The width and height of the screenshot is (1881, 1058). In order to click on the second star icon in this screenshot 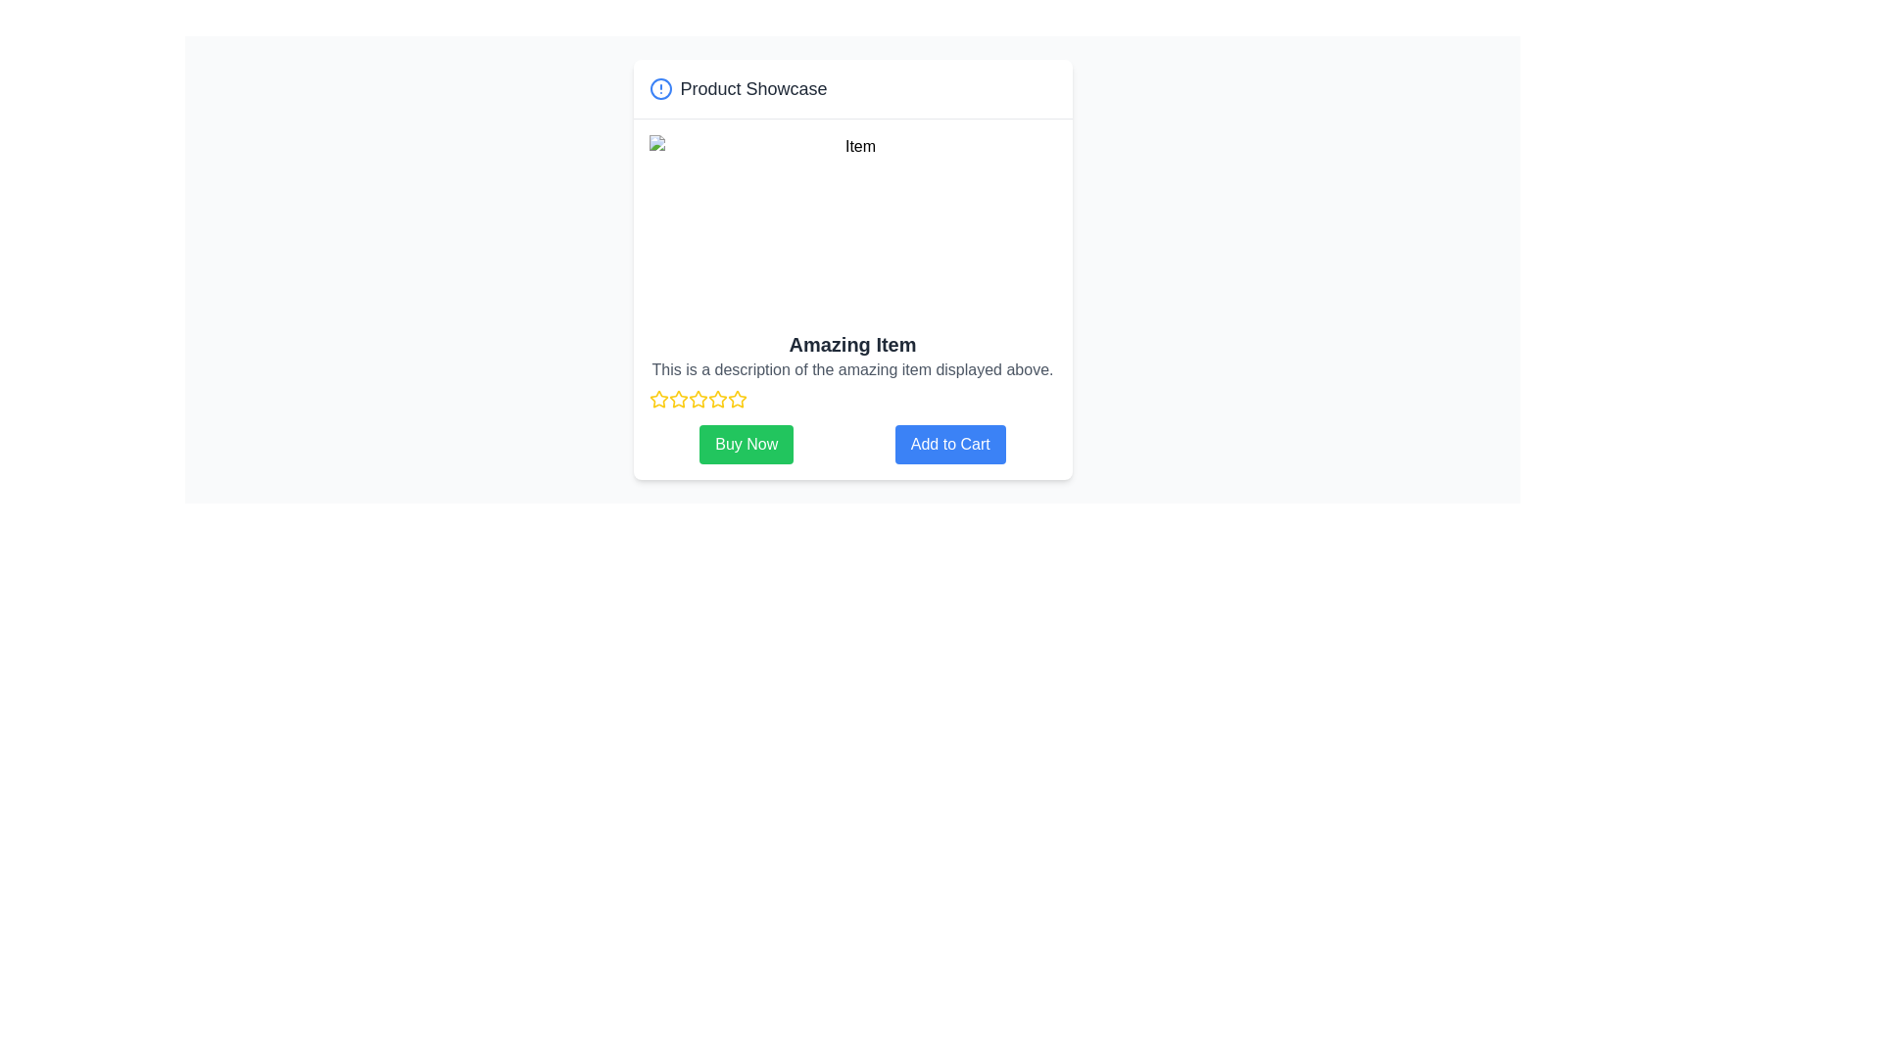, I will do `click(678, 398)`.